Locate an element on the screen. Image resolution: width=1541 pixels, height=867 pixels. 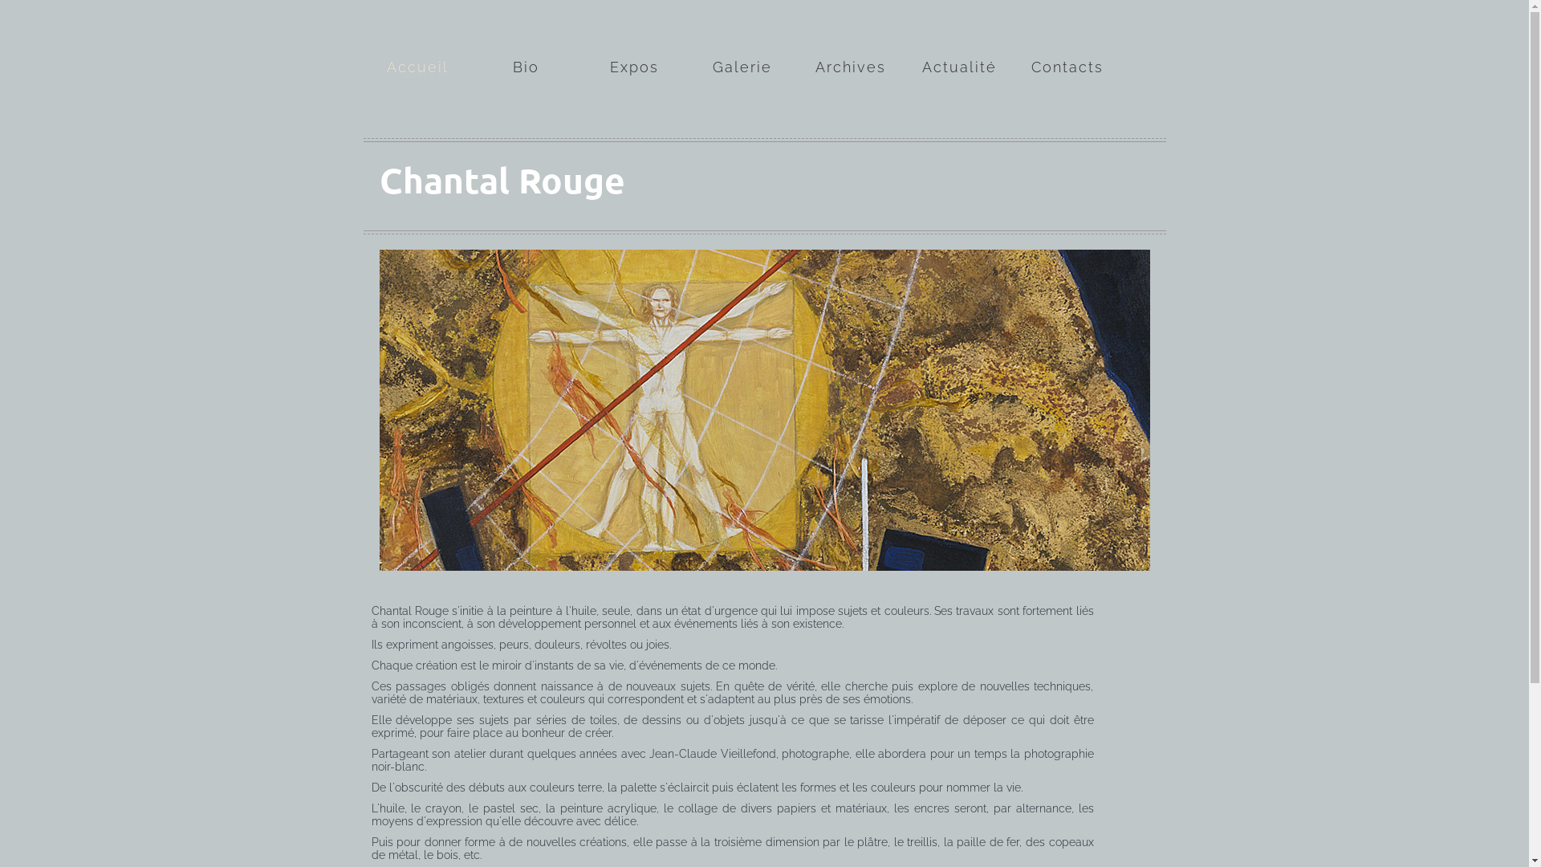
'Chantal Rouge' is located at coordinates (500, 180).